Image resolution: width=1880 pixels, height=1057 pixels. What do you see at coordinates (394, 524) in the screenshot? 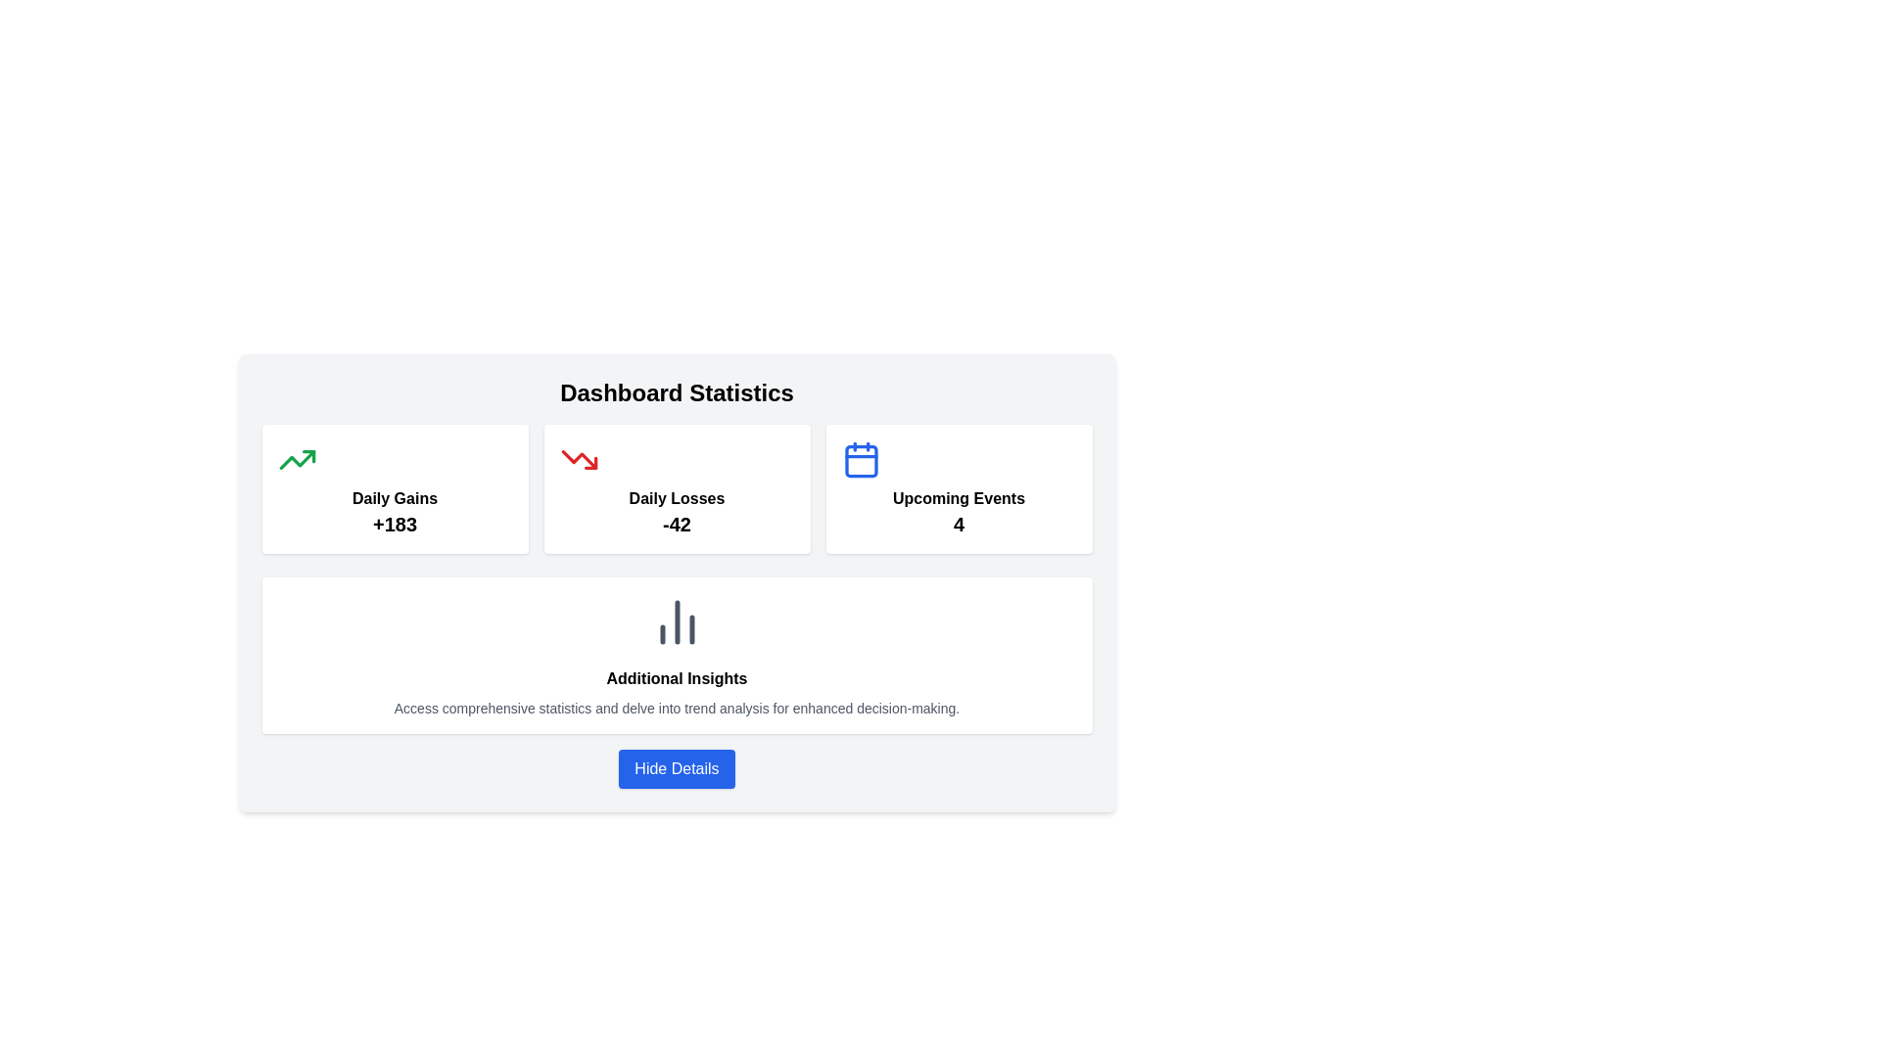
I see `static text element that displays the metric value '+183' indicating a numerical gain for the 'Daily Gains' category, located below the 'Daily Gains' label in the top-left quadrant of the dashboard` at bounding box center [394, 524].